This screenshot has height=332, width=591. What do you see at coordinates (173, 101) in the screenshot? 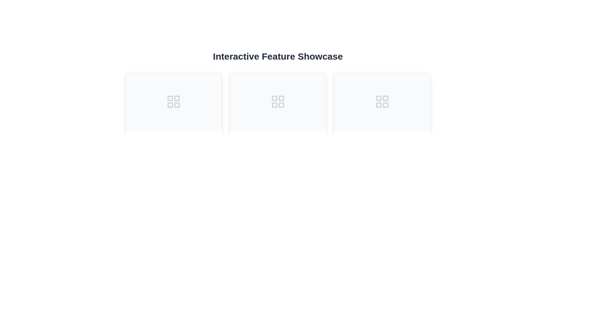
I see `the grid icon located in the top section of the 'Item 1' card, which is displayed in light gray within a large white card area` at bounding box center [173, 101].